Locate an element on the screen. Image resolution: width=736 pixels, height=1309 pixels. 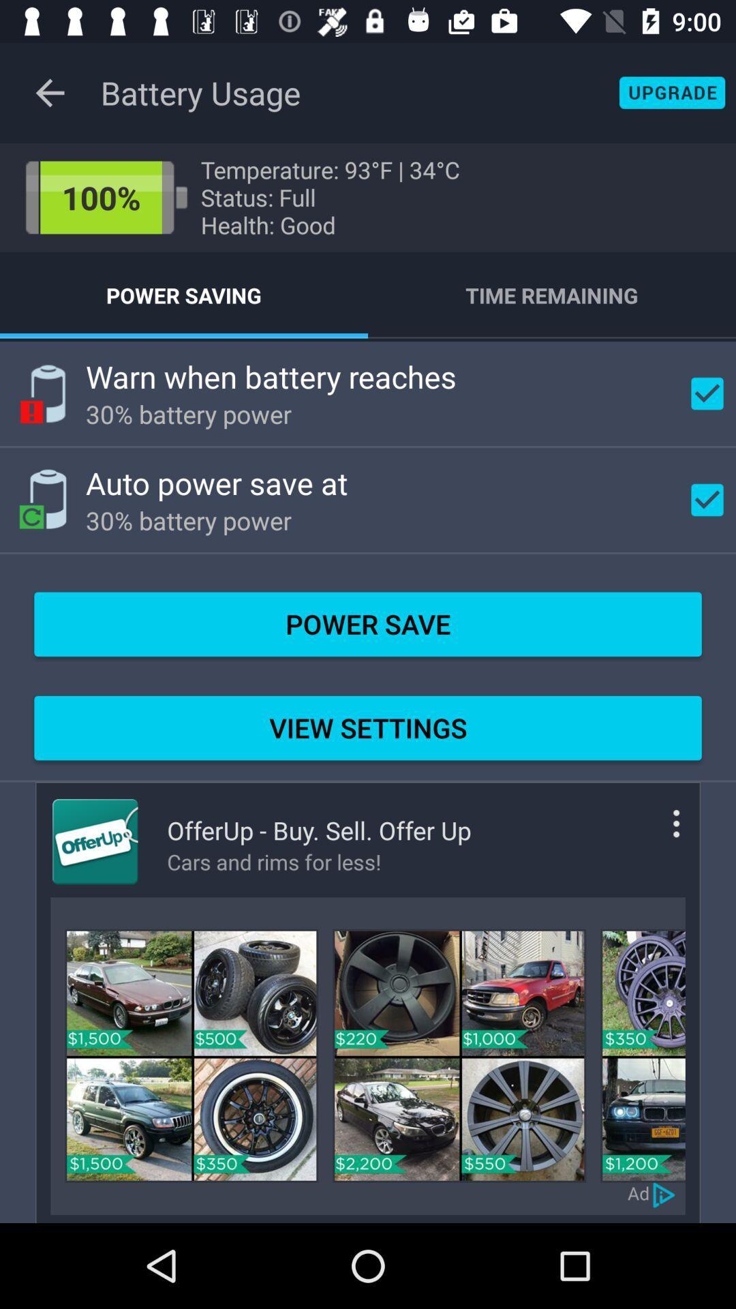
offerup is located at coordinates (94, 841).